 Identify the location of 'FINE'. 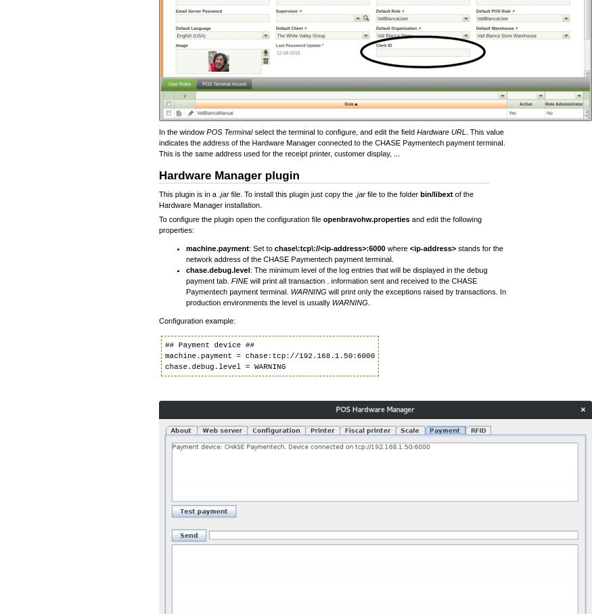
(230, 280).